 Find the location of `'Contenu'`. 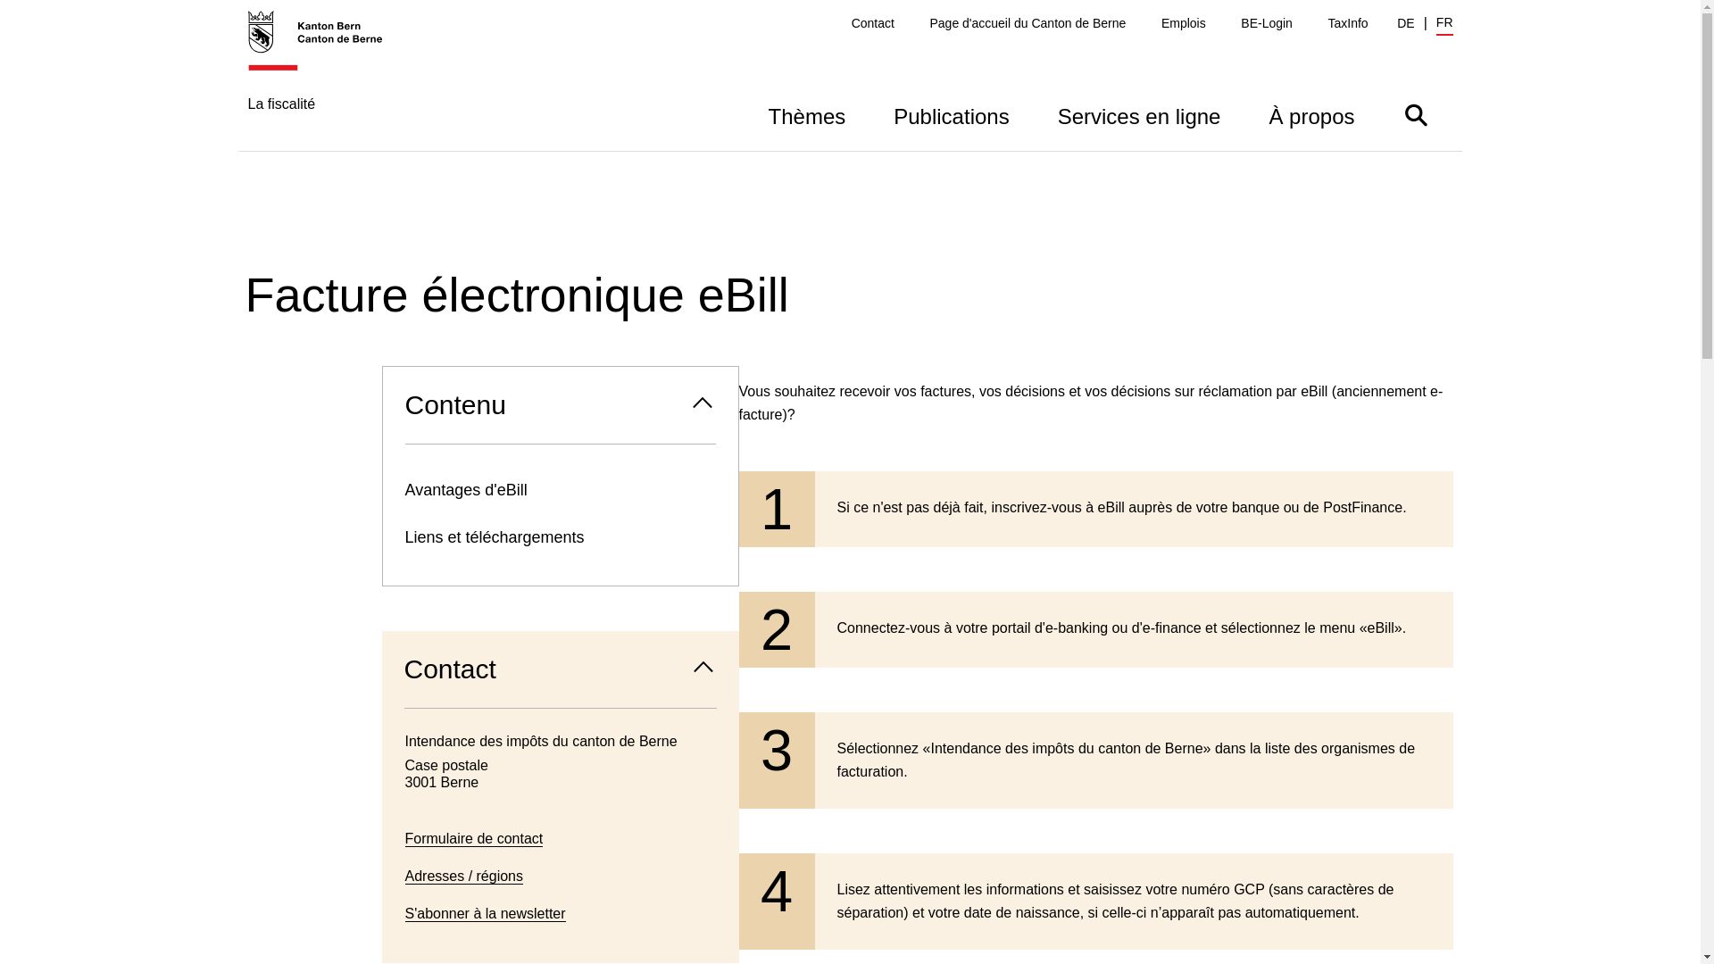

'Contenu' is located at coordinates (559, 405).